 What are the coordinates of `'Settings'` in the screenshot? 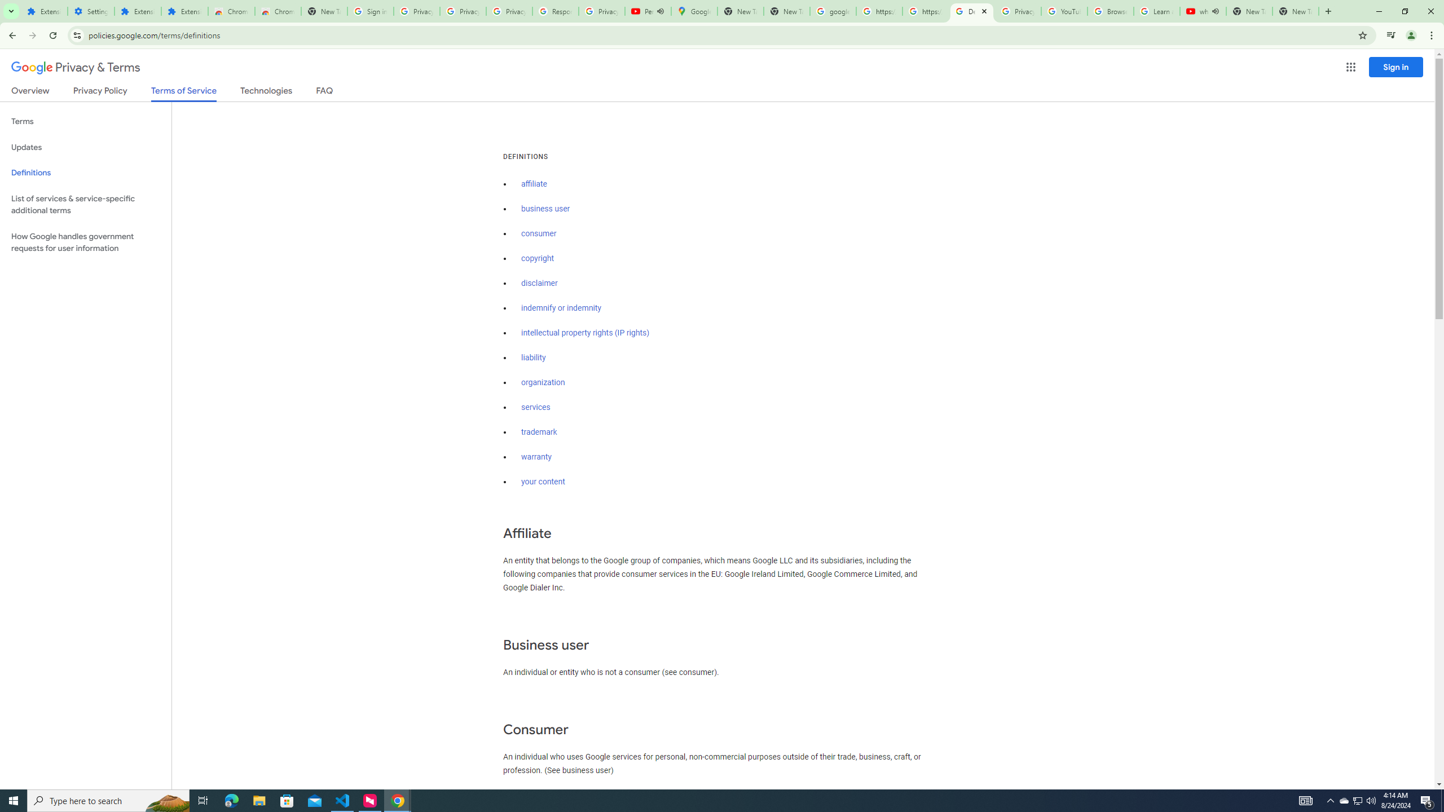 It's located at (90, 11).